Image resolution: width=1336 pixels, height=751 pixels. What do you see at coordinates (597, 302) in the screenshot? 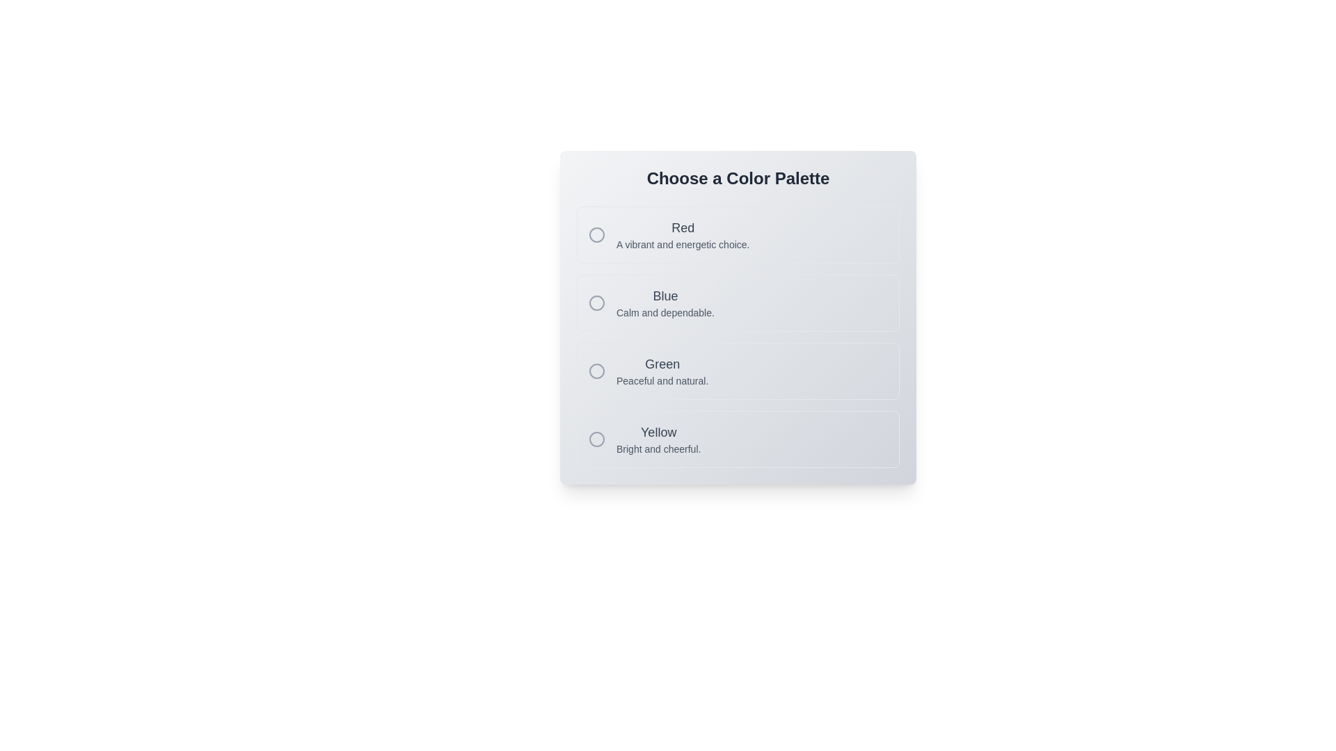
I see `the circular radio button indicator for the 'Blue' selection option` at bounding box center [597, 302].